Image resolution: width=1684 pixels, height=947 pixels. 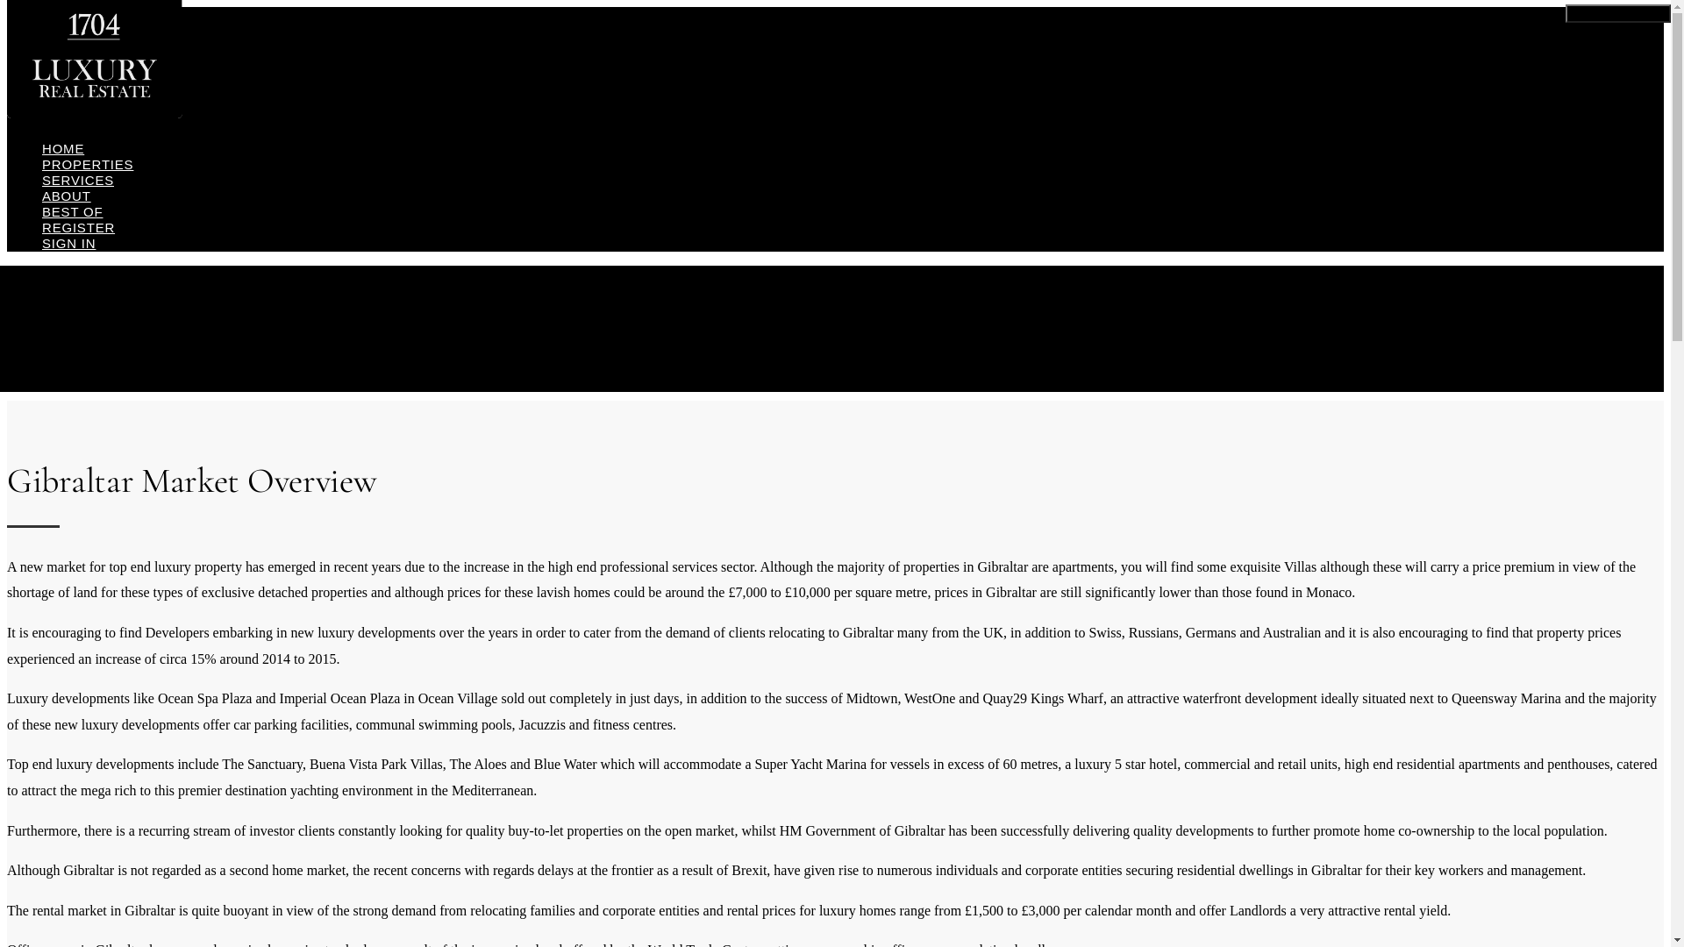 What do you see at coordinates (67, 196) in the screenshot?
I see `'ABOUT'` at bounding box center [67, 196].